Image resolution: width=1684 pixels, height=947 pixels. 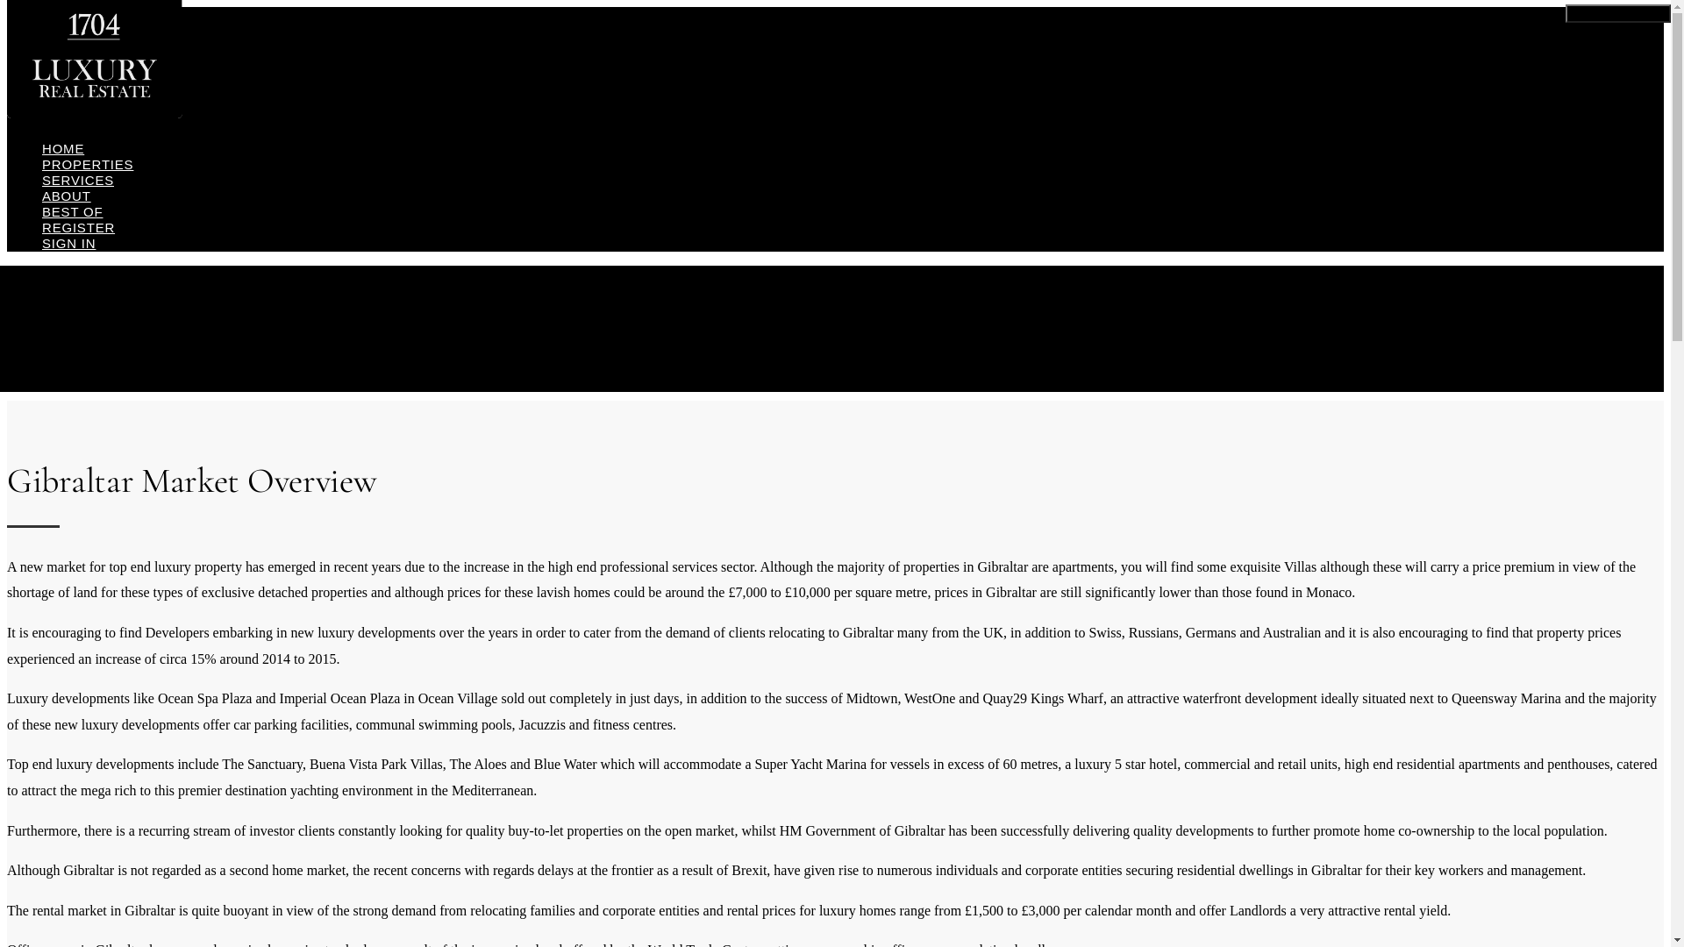 What do you see at coordinates (67, 196) in the screenshot?
I see `'ABOUT'` at bounding box center [67, 196].